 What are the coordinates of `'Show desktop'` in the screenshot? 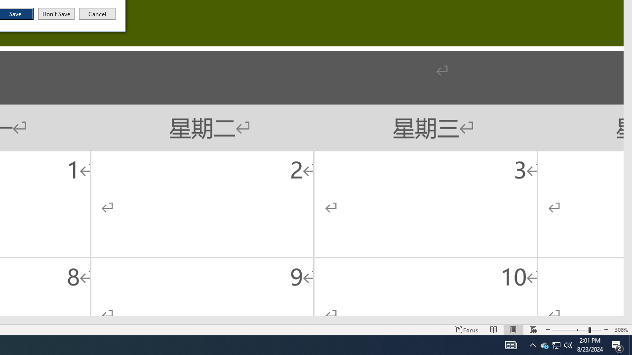 It's located at (630, 344).